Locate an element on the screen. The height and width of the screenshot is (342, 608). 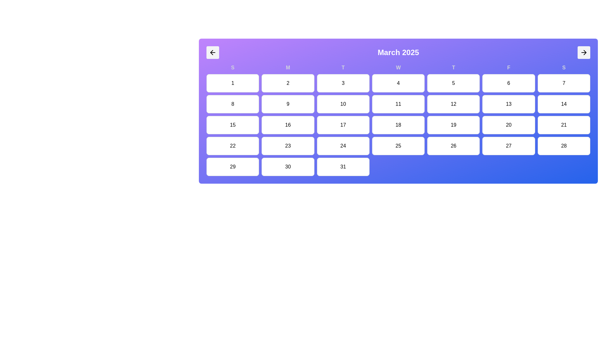
the small square button with a light gray background and a left-facing arrow icon, located at the top-left corner of the header bar is located at coordinates (213, 52).